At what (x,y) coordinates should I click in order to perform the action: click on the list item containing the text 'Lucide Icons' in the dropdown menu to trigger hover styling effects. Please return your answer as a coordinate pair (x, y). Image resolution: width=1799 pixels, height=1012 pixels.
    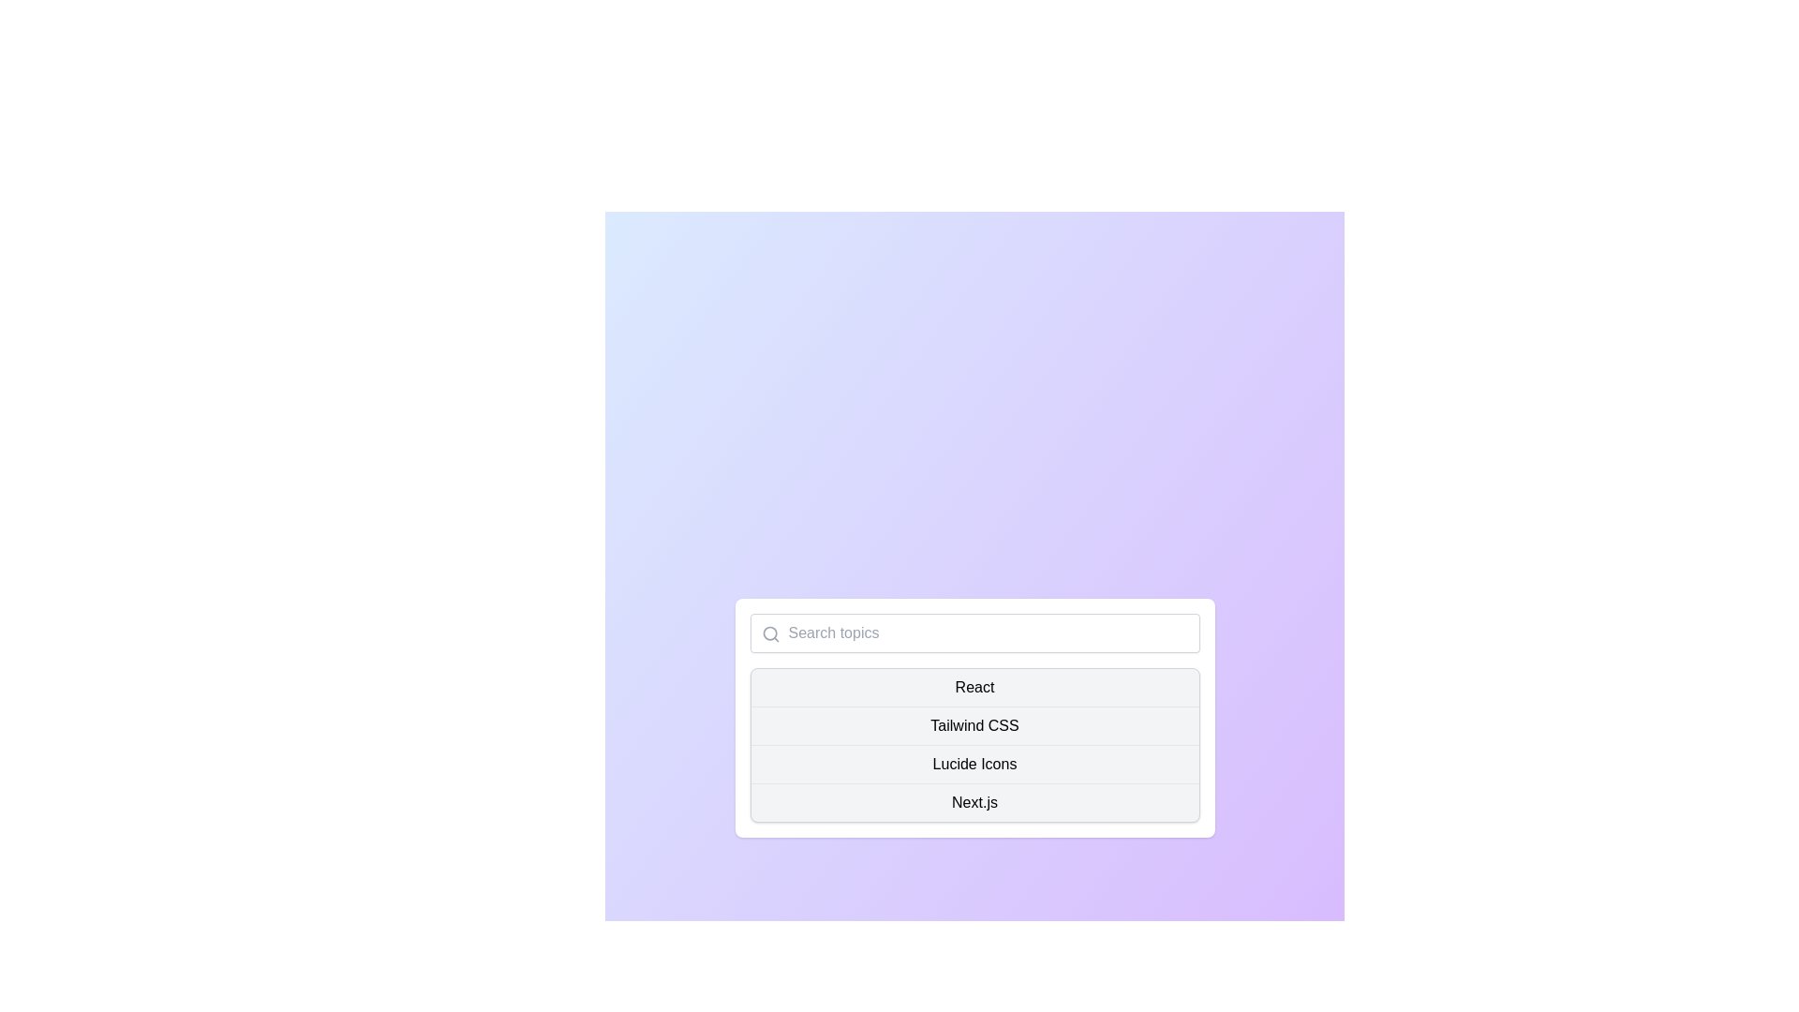
    Looking at the image, I should click on (974, 763).